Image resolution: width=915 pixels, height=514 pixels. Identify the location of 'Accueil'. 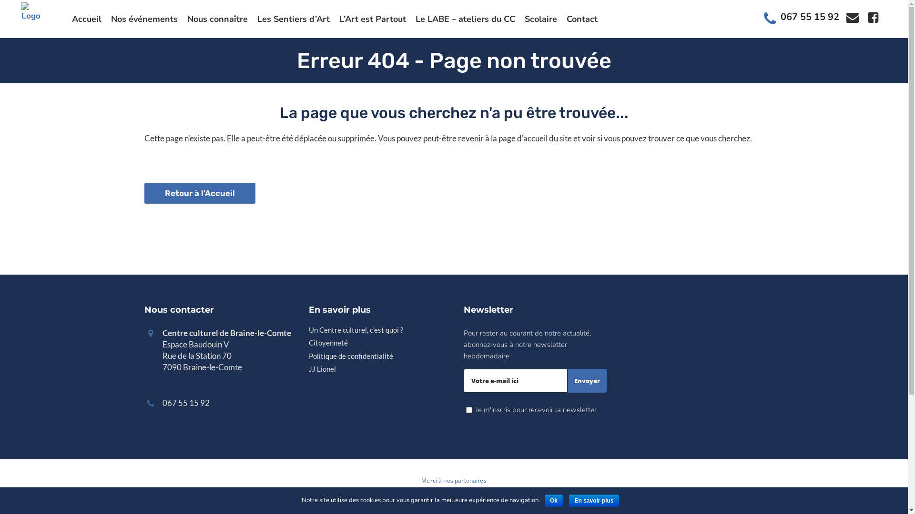
(87, 19).